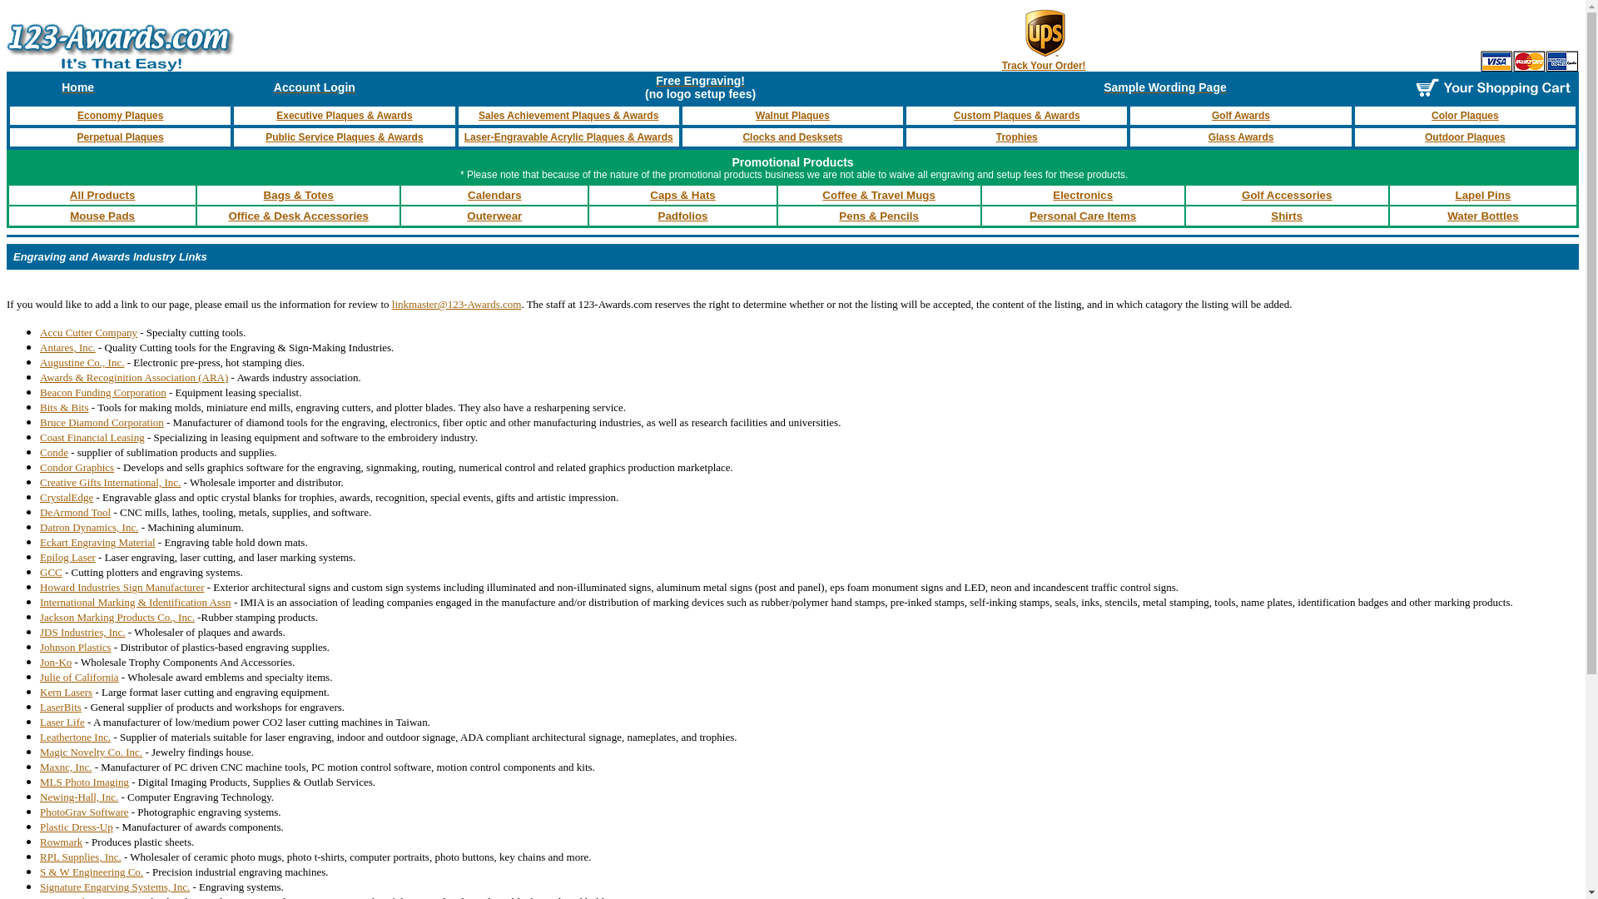 The image size is (1598, 899). Describe the element at coordinates (1241, 137) in the screenshot. I see `'Glass Awards'` at that location.